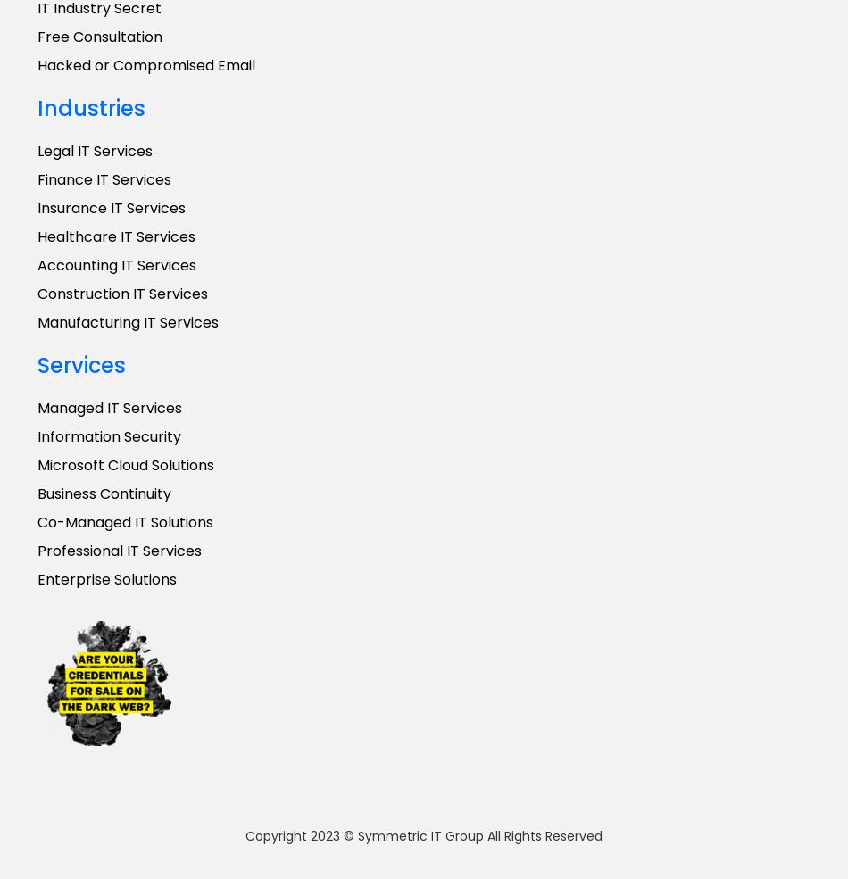 This screenshot has width=848, height=879. I want to click on 'Information Security', so click(109, 435).